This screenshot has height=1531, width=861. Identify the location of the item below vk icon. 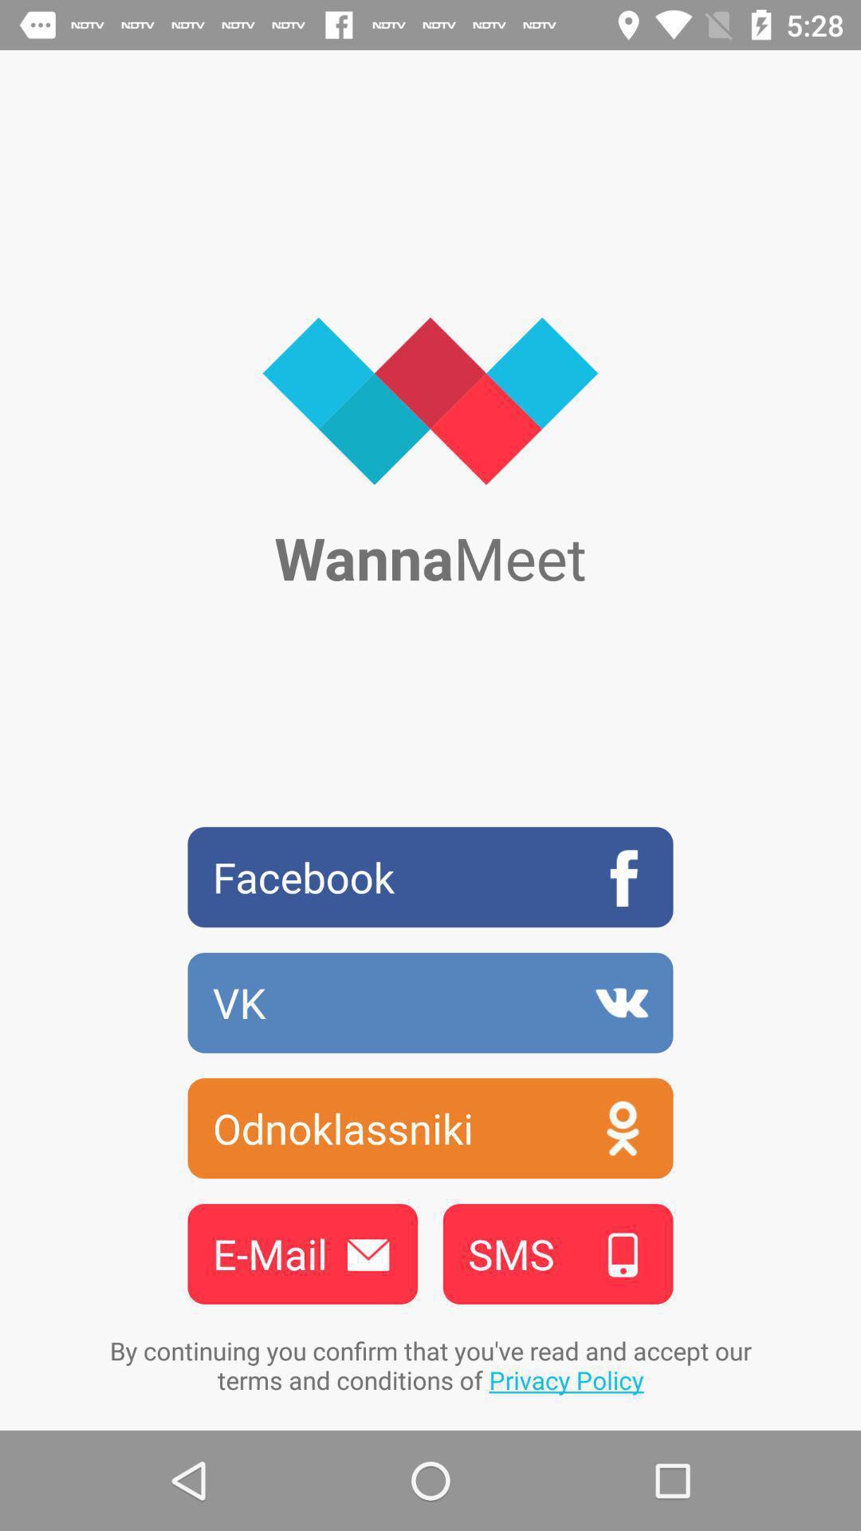
(431, 1128).